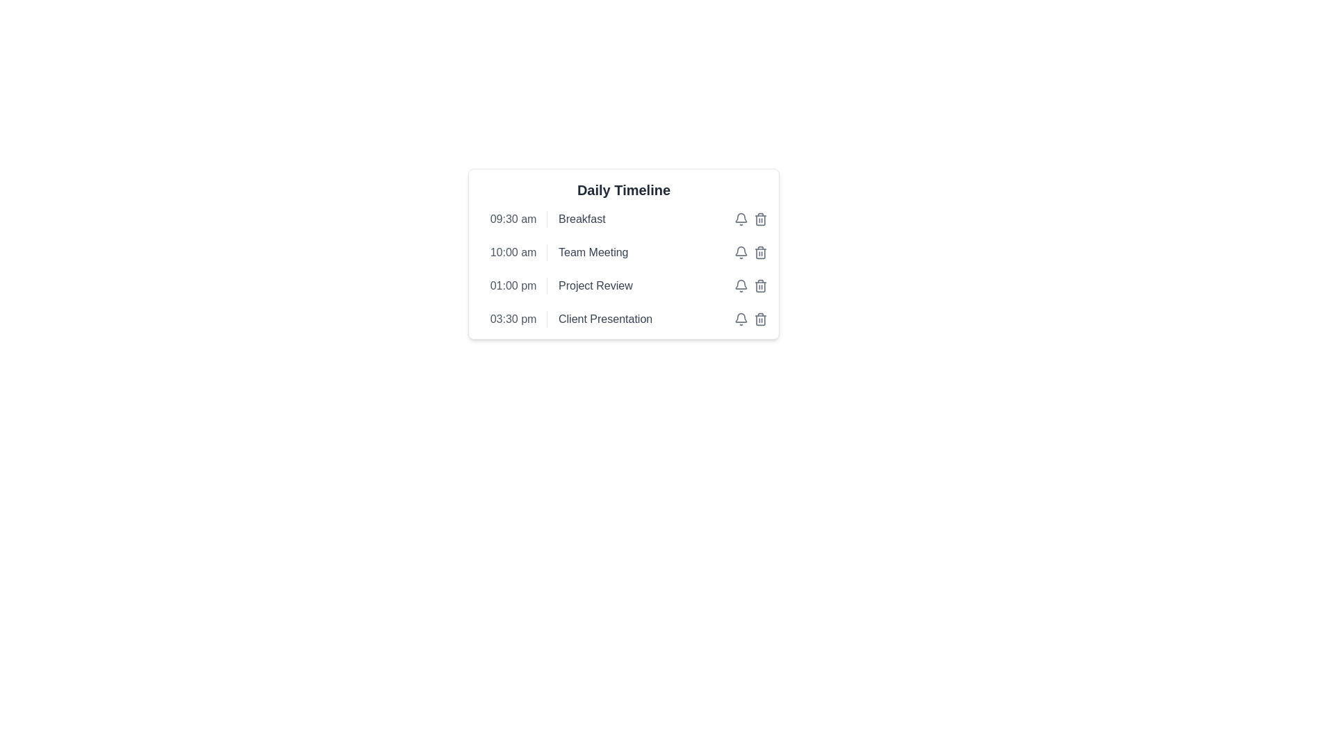 The image size is (1334, 750). What do you see at coordinates (759, 285) in the screenshot?
I see `the trash bin vector graphic representing the delete function for the '01:00 pm Project Review' timeline entry` at bounding box center [759, 285].